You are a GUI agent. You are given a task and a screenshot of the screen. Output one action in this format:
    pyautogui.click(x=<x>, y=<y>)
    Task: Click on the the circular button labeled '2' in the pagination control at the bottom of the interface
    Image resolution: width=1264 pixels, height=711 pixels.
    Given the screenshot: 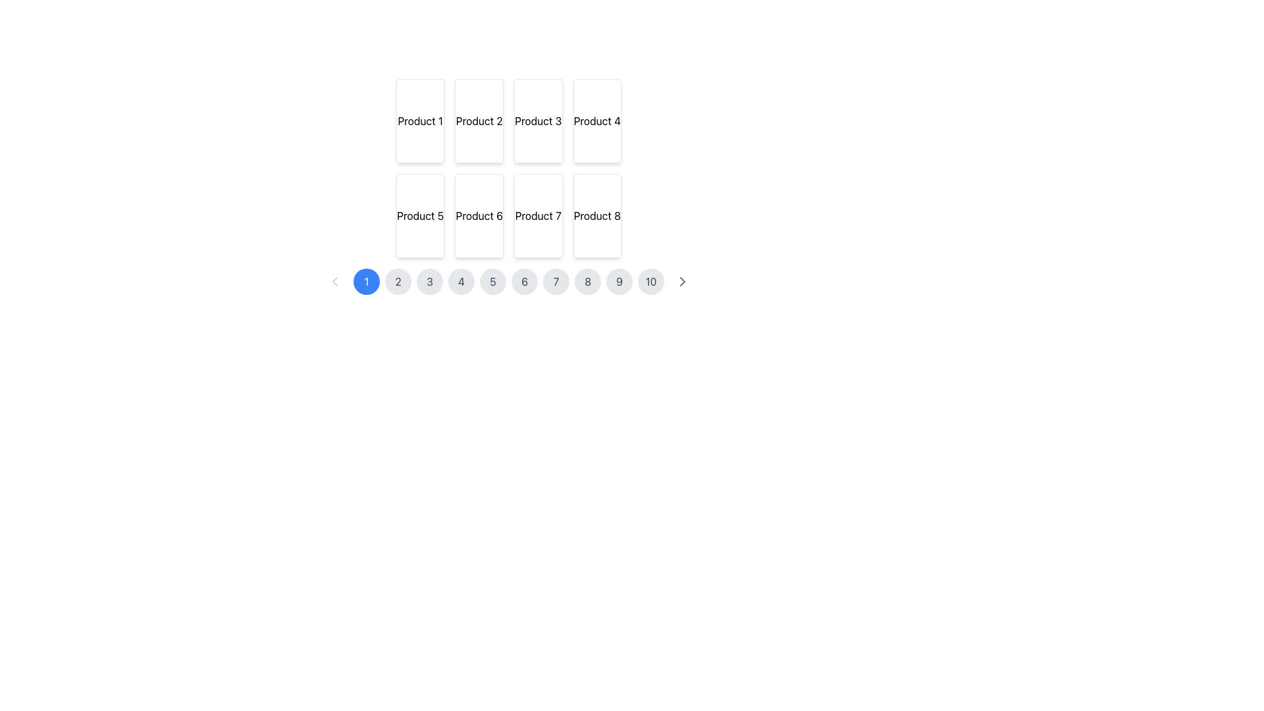 What is the action you would take?
    pyautogui.click(x=397, y=281)
    